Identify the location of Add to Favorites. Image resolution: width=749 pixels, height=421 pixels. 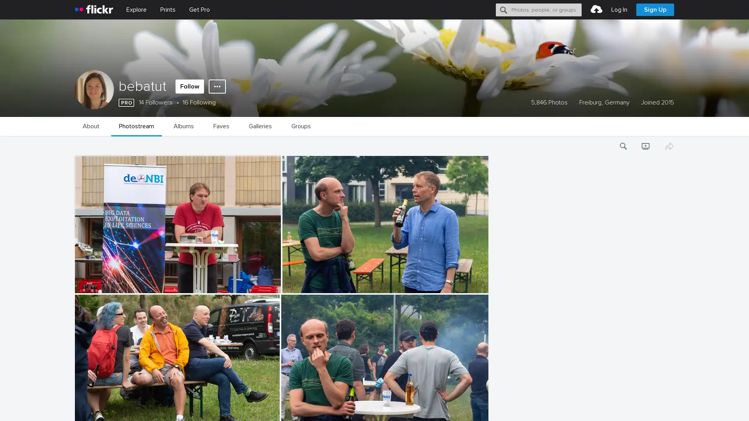
(655, 416).